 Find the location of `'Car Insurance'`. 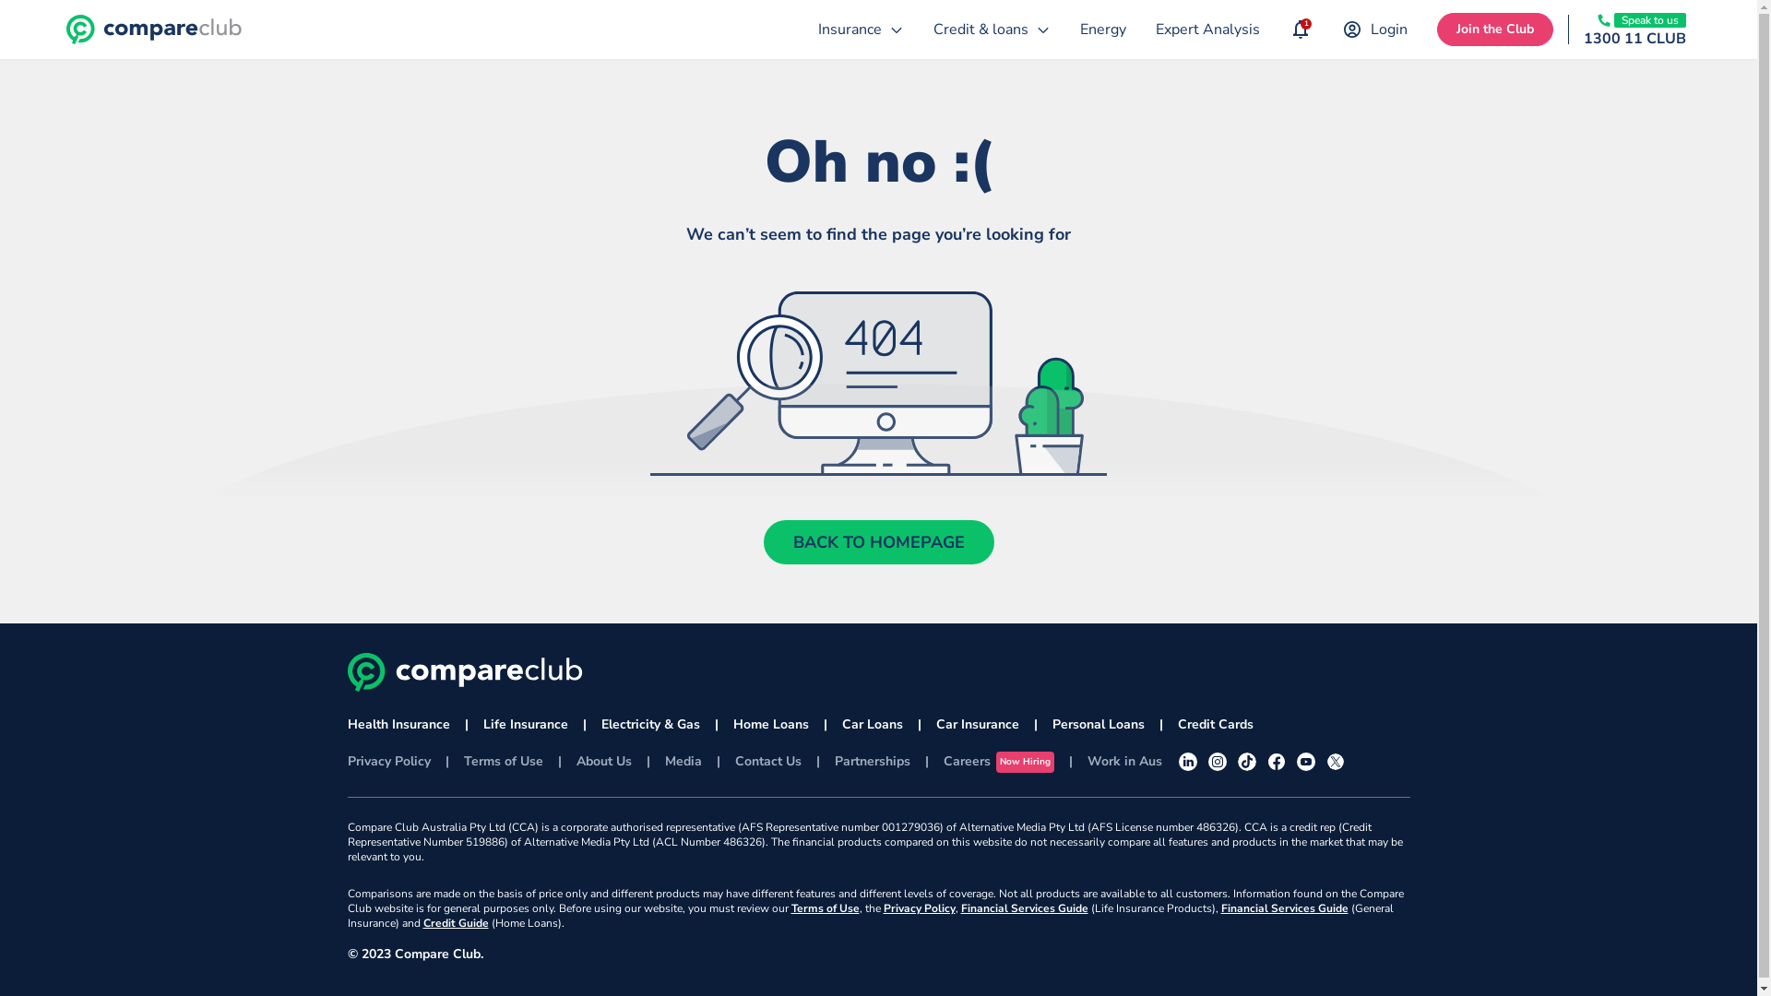

'Car Insurance' is located at coordinates (976, 724).